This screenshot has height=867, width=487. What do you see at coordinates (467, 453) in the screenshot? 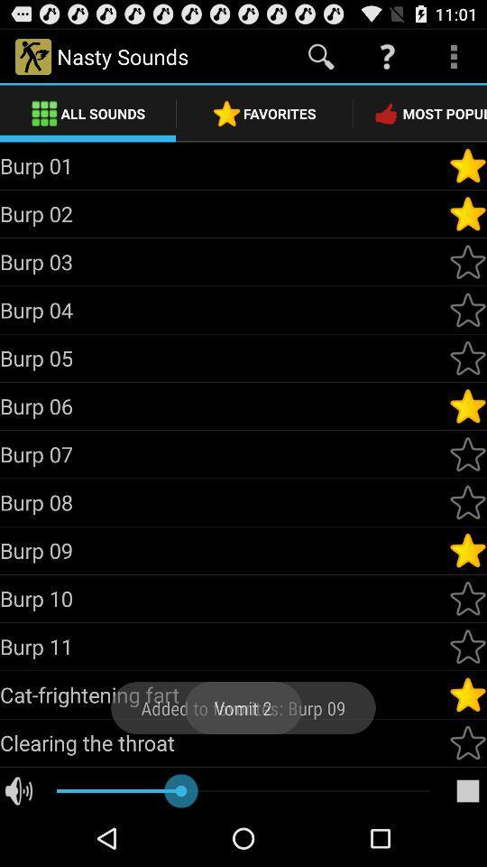
I see `burp 7` at bounding box center [467, 453].